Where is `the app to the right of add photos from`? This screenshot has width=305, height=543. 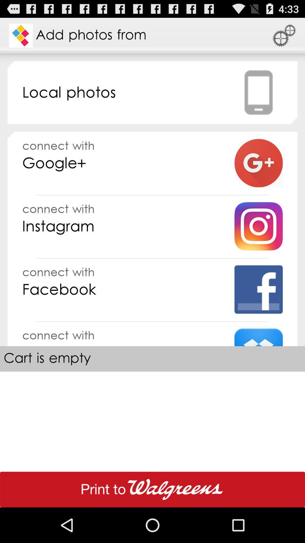
the app to the right of add photos from is located at coordinates (284, 35).